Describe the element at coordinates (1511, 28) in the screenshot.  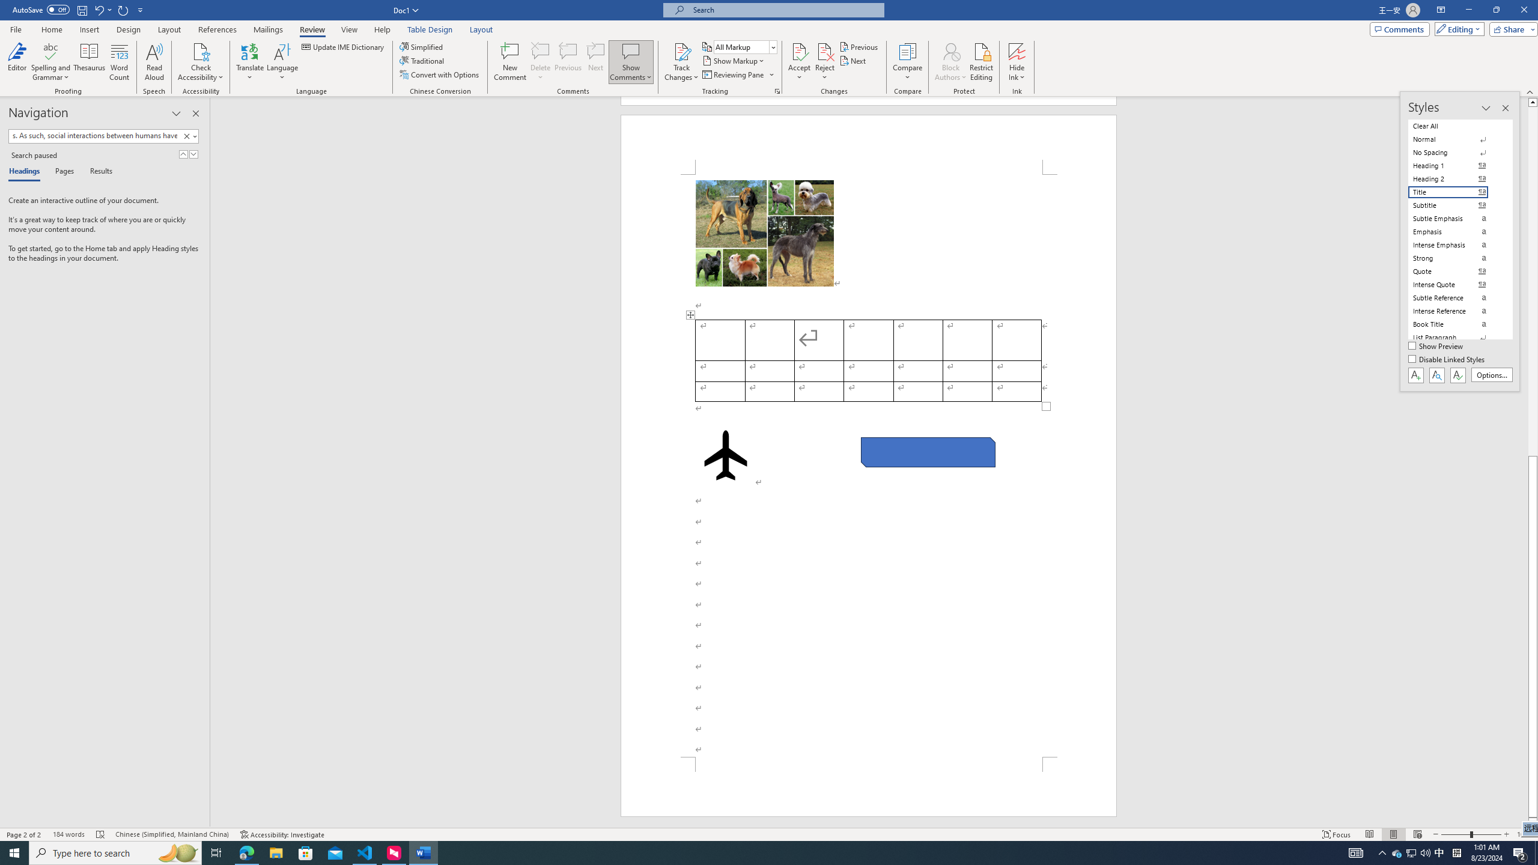
I see `'Share'` at that location.